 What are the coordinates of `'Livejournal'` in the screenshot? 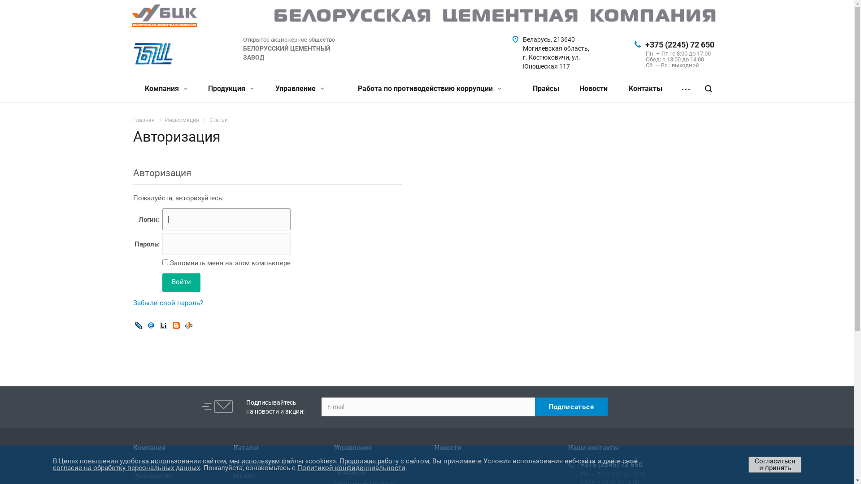 It's located at (138, 325).